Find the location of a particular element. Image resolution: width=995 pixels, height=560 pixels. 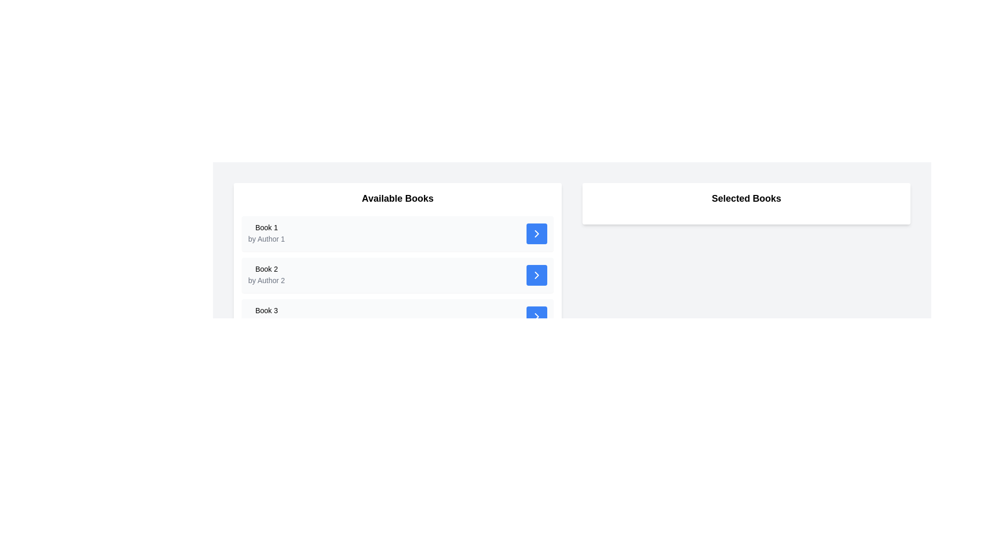

the List Item with Button displaying 'Book 3' by 'Author 3' via keyboard navigation is located at coordinates (397, 316).